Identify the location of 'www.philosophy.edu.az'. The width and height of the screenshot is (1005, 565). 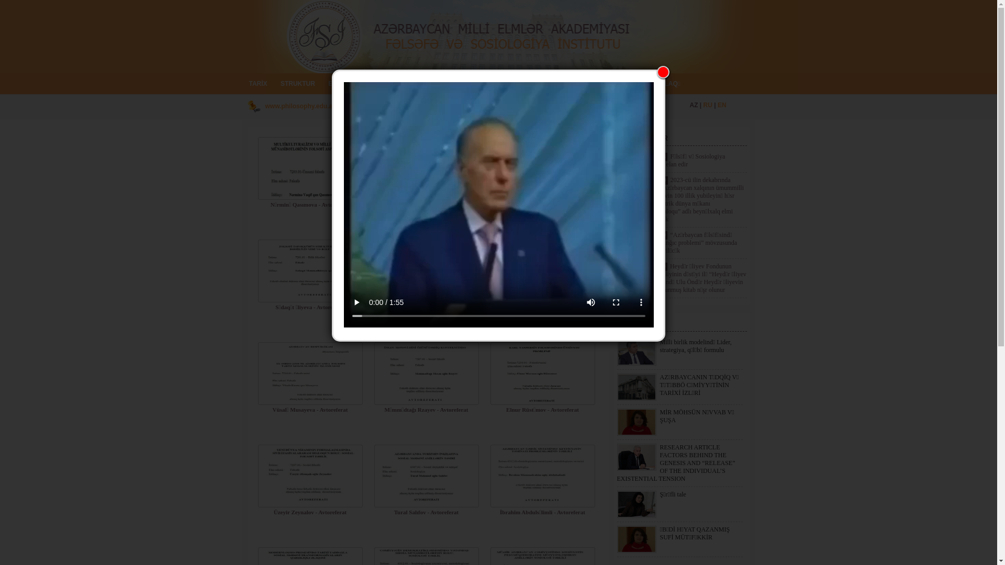
(264, 106).